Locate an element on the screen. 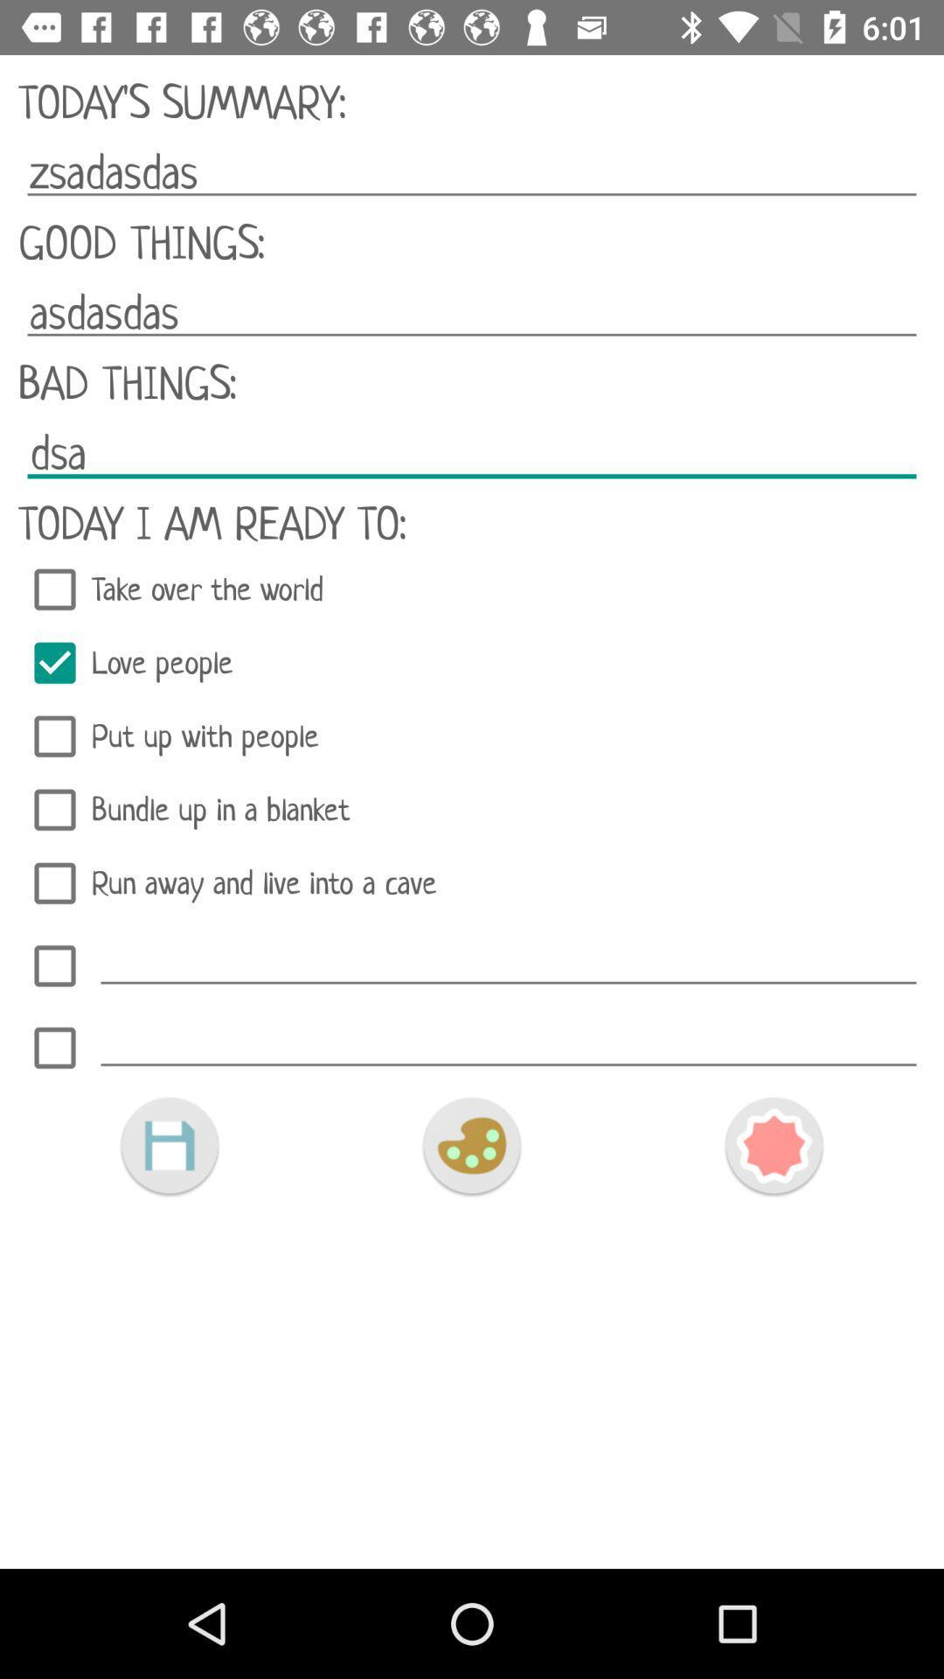 The width and height of the screenshot is (944, 1679). item below put up with icon is located at coordinates (472, 809).